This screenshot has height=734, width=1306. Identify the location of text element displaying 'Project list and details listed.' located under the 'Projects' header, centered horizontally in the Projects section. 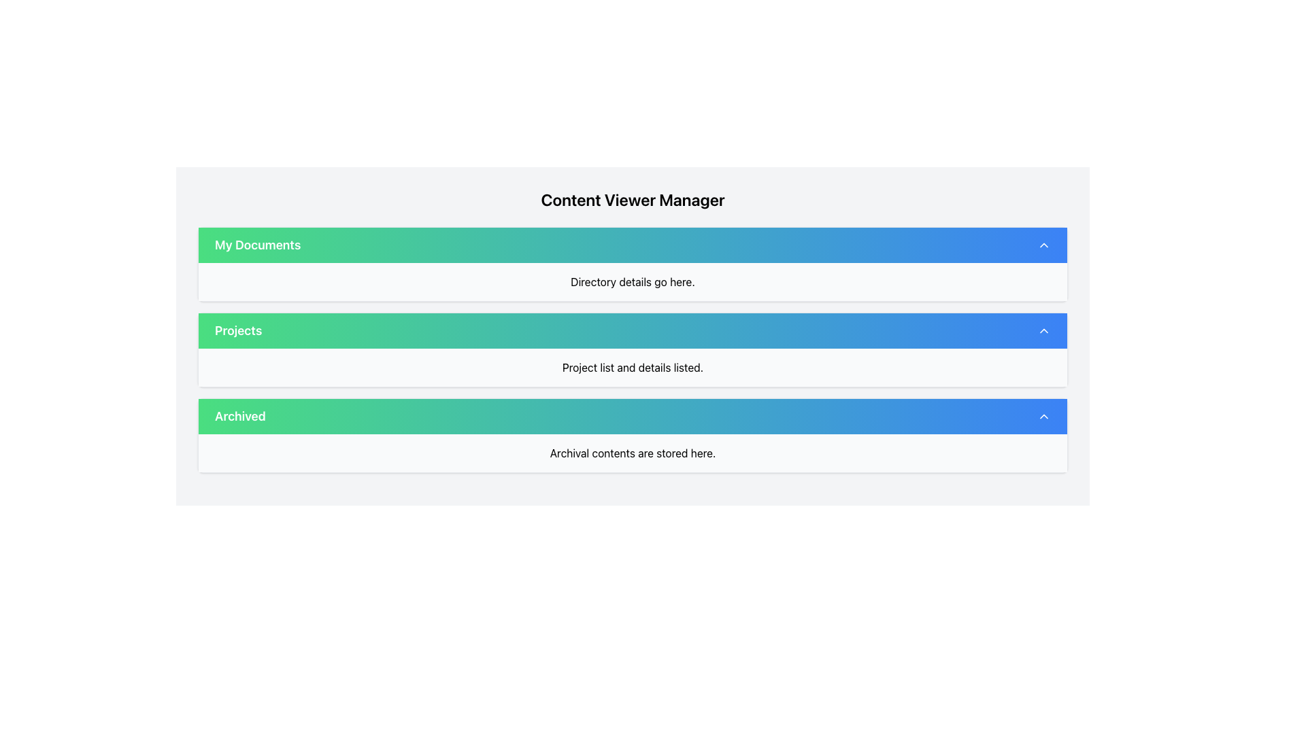
(632, 367).